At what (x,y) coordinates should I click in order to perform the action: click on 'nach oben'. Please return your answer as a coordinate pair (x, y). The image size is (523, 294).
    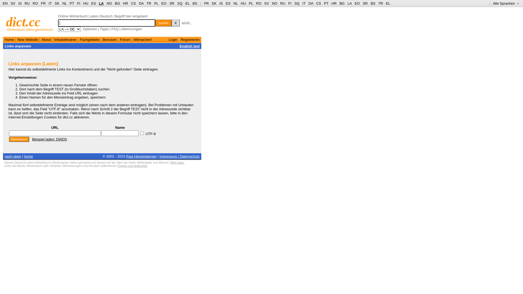
    Looking at the image, I should click on (13, 156).